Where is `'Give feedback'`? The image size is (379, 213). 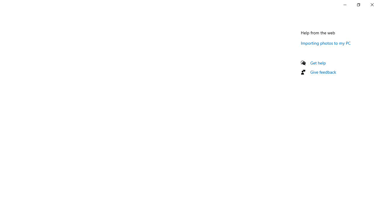
'Give feedback' is located at coordinates (323, 72).